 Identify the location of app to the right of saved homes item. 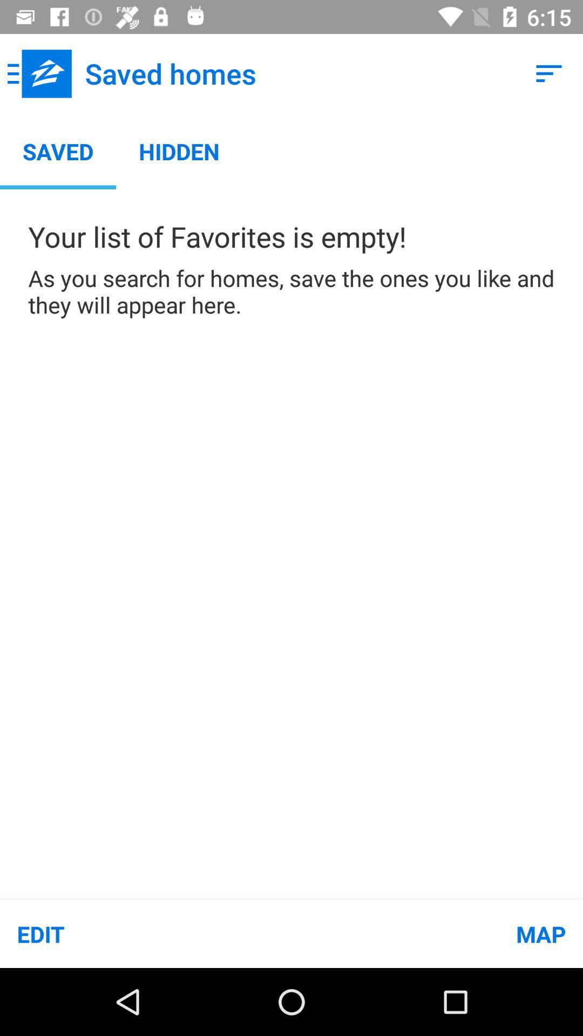
(549, 73).